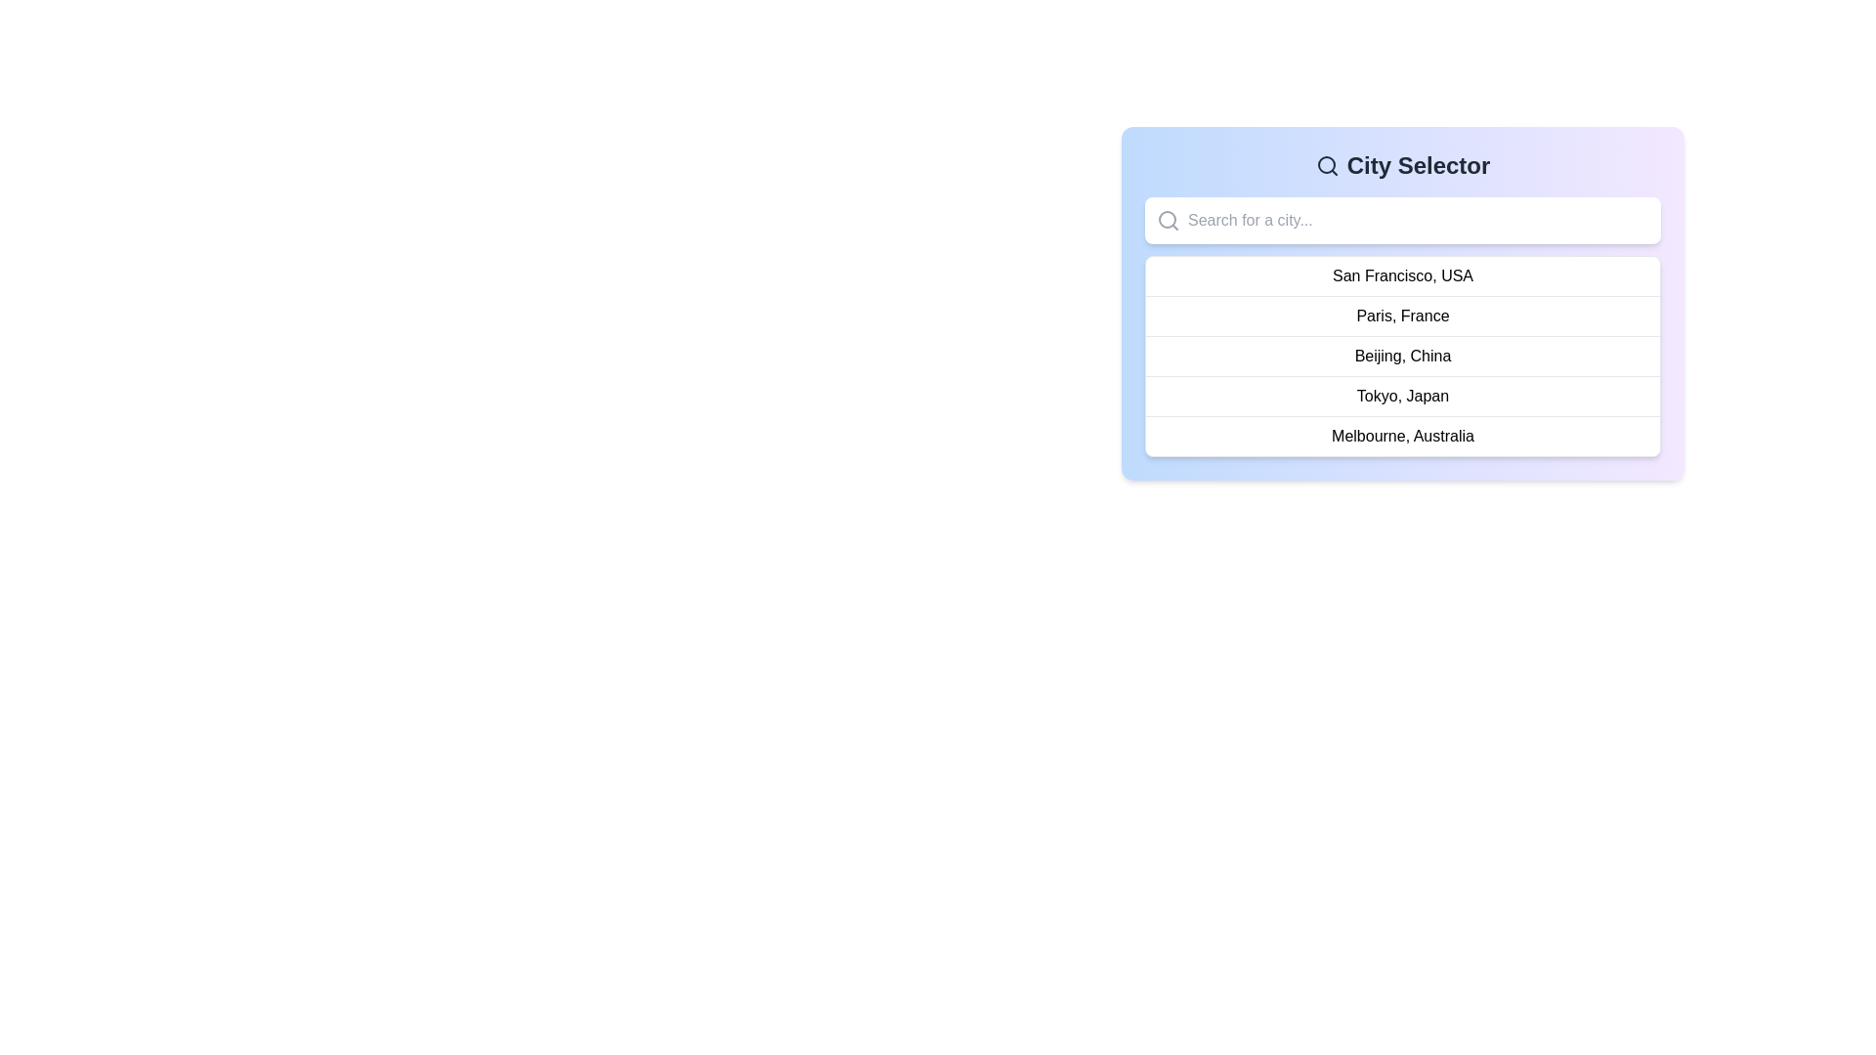  Describe the element at coordinates (1401, 304) in the screenshot. I see `the 'Paris, France' option in the city selector dropdown` at that location.